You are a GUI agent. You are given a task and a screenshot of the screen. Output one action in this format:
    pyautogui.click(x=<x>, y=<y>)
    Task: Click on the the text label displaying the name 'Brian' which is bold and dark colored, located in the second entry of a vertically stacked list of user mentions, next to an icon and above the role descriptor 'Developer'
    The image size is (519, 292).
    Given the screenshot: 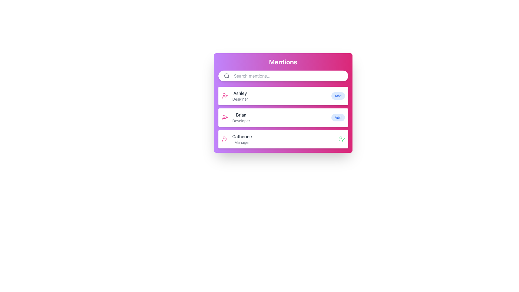 What is the action you would take?
    pyautogui.click(x=241, y=114)
    